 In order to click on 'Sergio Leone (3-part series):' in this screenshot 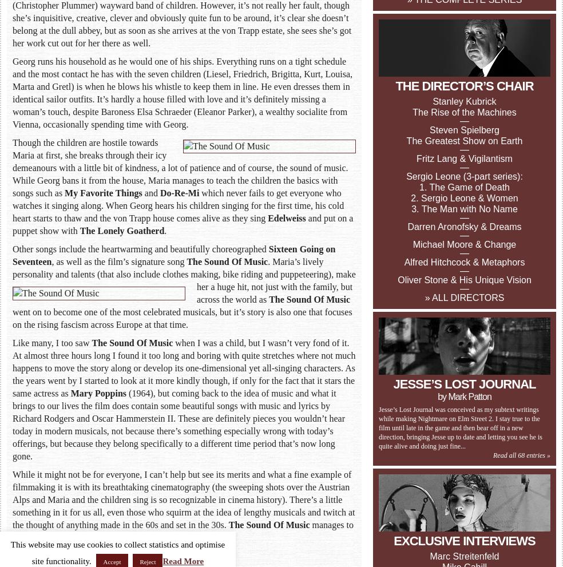, I will do `click(463, 176)`.